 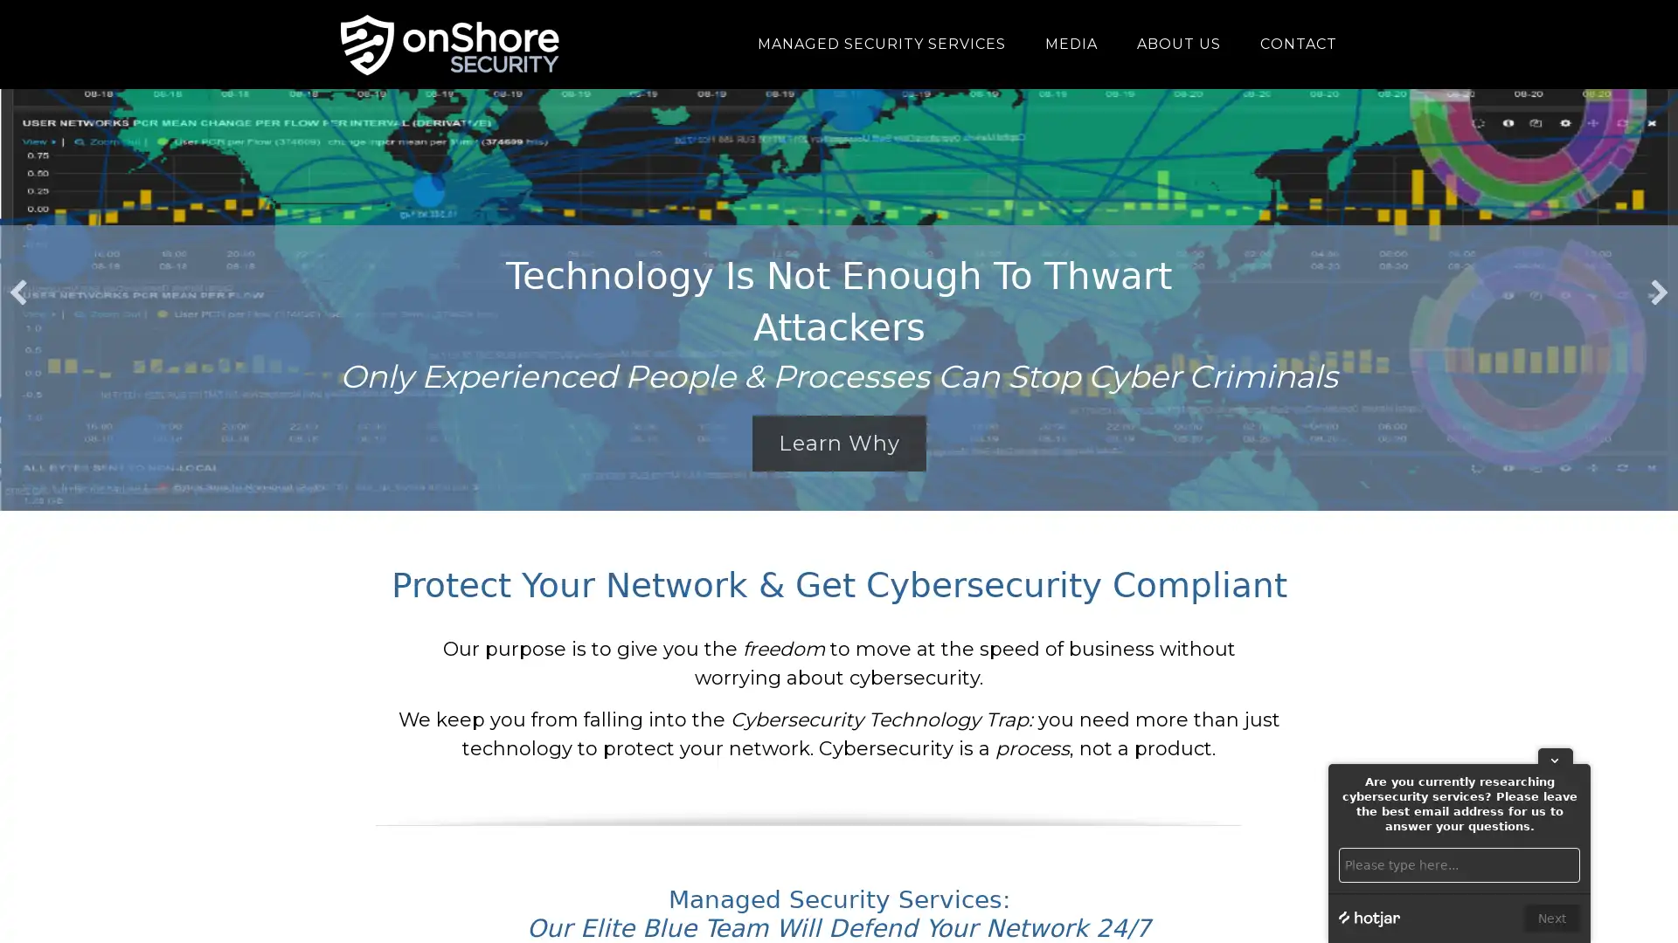 I want to click on previous, so click(x=17, y=292).